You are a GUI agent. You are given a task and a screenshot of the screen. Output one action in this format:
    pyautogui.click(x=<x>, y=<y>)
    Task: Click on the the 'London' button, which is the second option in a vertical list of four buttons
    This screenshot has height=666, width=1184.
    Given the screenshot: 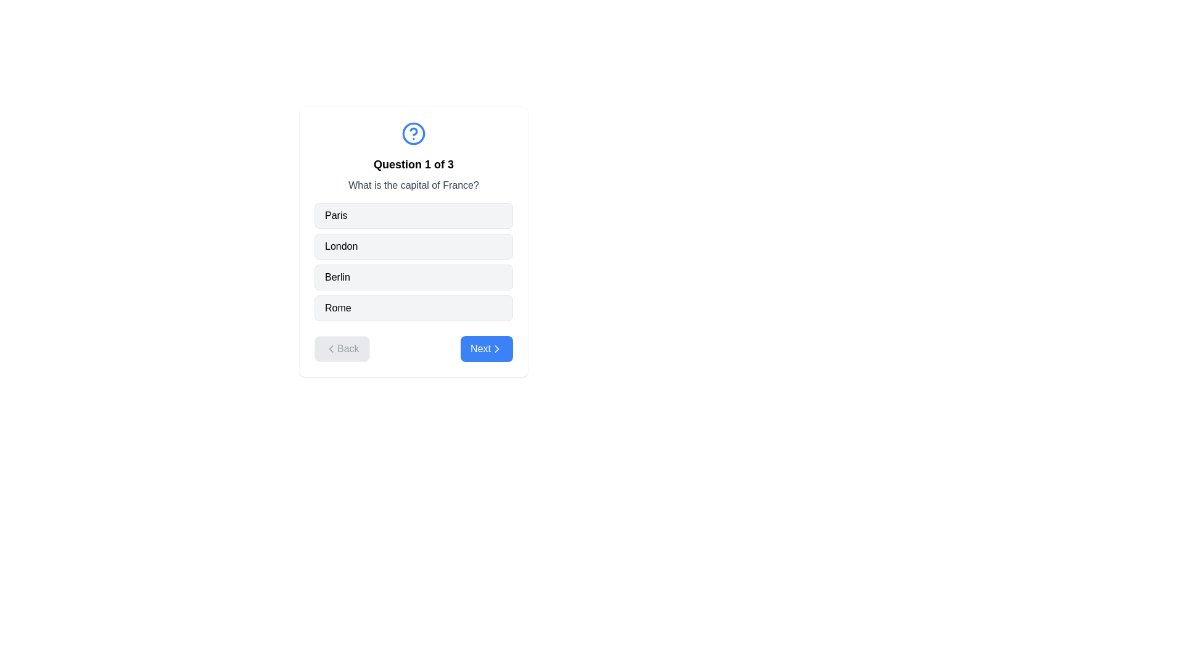 What is the action you would take?
    pyautogui.click(x=414, y=247)
    